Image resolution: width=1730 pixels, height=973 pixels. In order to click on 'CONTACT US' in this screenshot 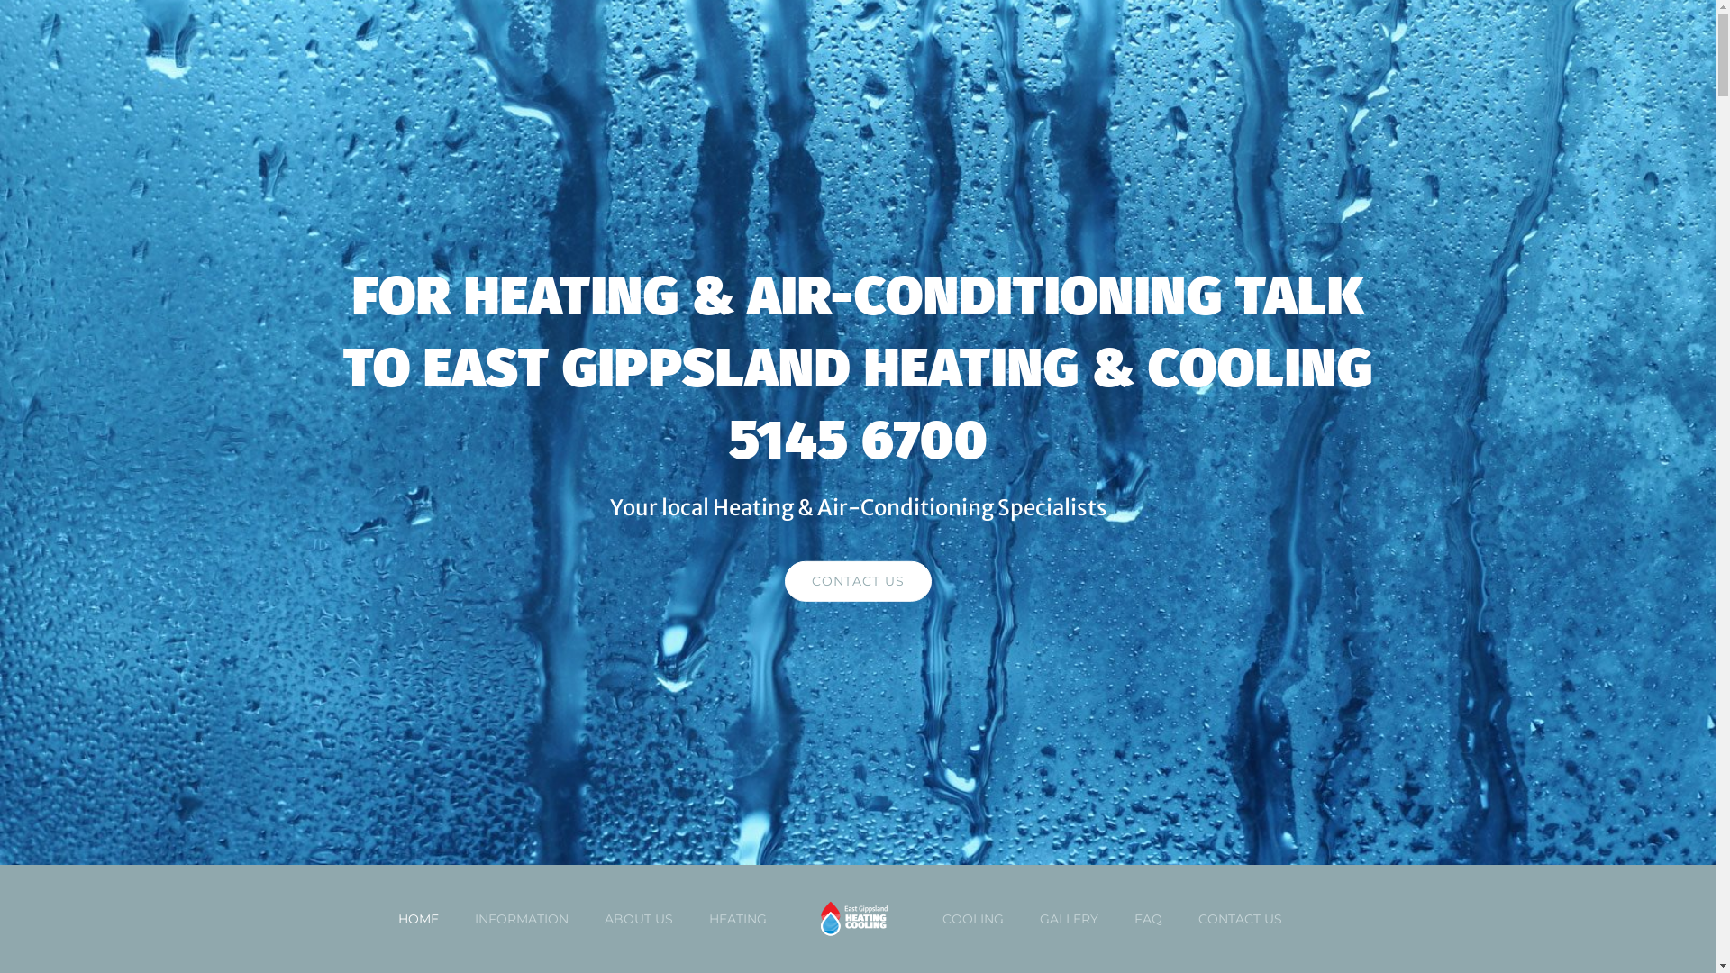, I will do `click(784, 581)`.